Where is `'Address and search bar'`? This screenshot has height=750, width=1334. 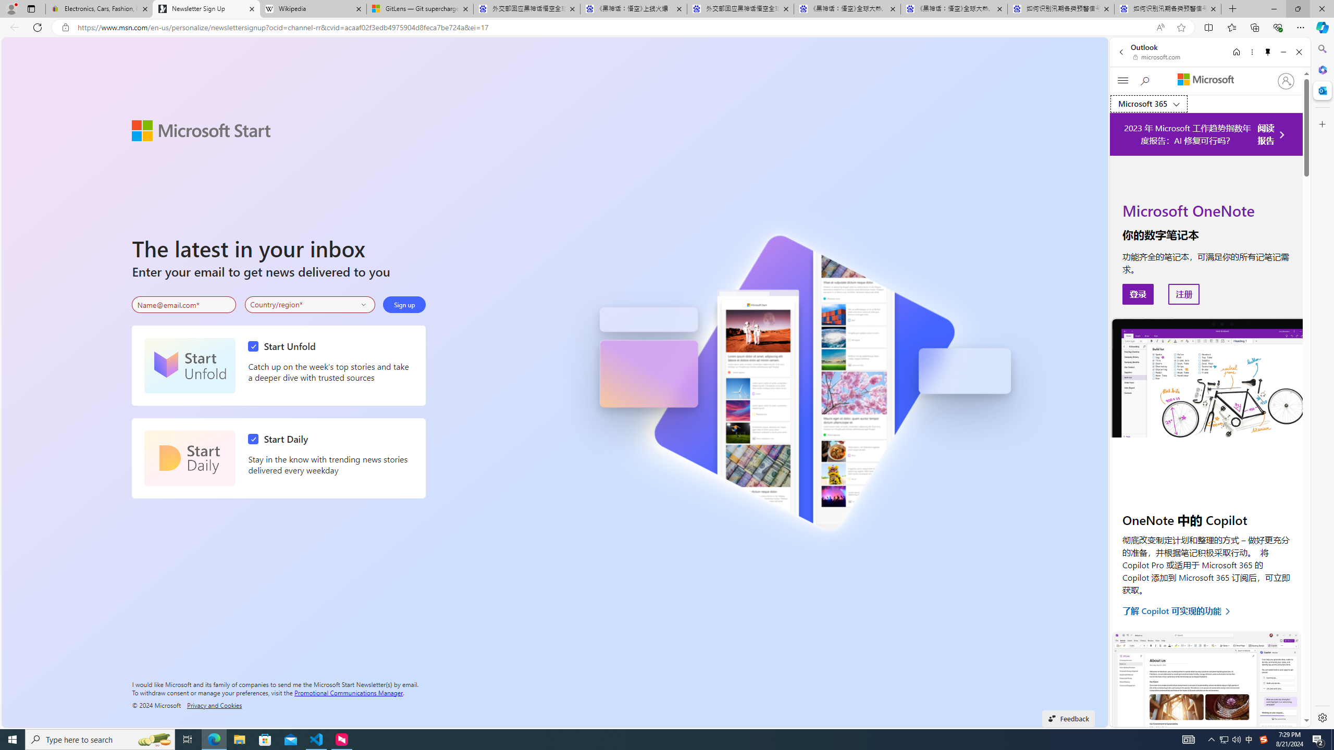
'Address and search bar' is located at coordinates (614, 28).